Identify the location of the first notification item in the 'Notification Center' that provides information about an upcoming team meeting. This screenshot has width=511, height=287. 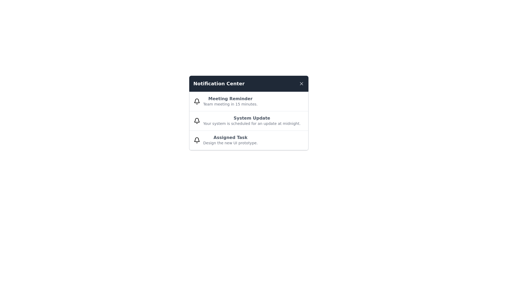
(248, 102).